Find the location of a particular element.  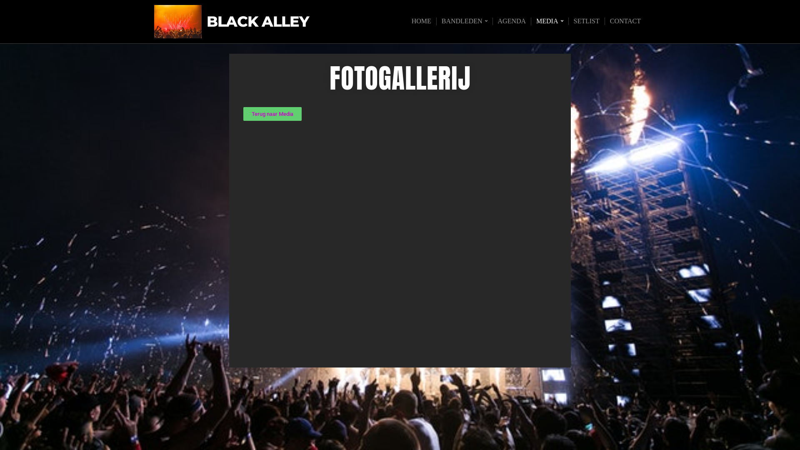

'MEDIA' is located at coordinates (549, 21).